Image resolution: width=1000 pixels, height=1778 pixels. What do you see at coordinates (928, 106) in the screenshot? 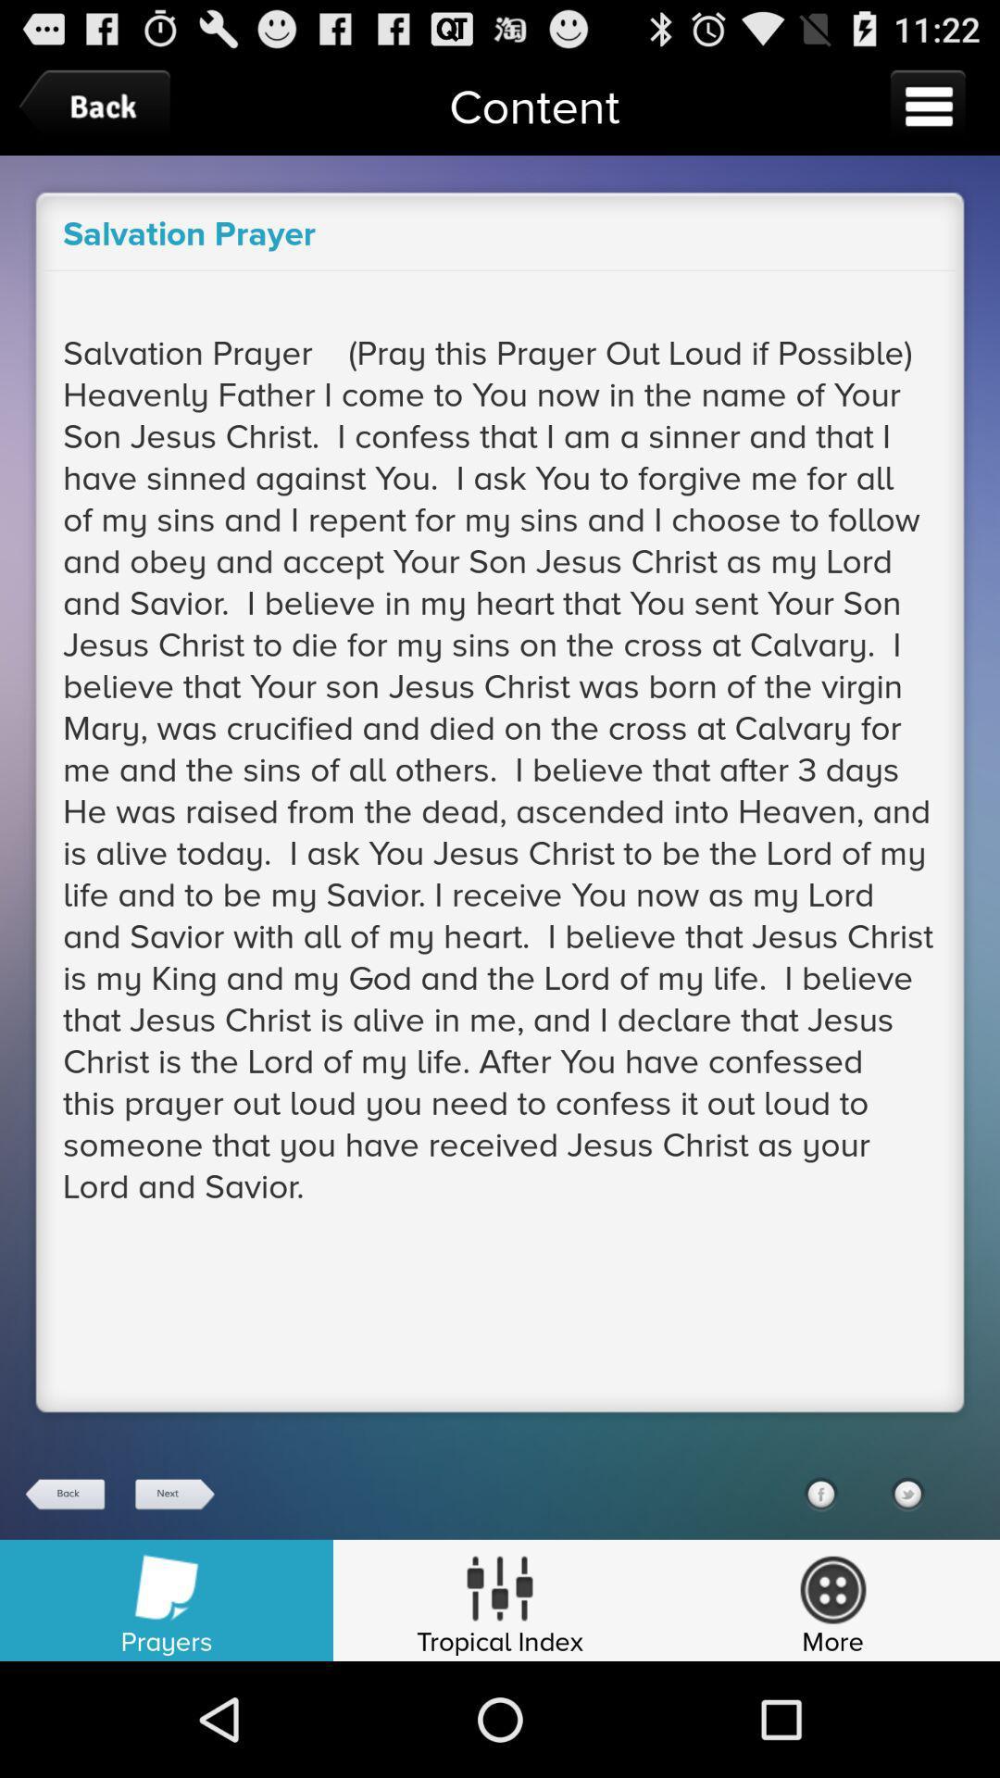
I see `open menu` at bounding box center [928, 106].